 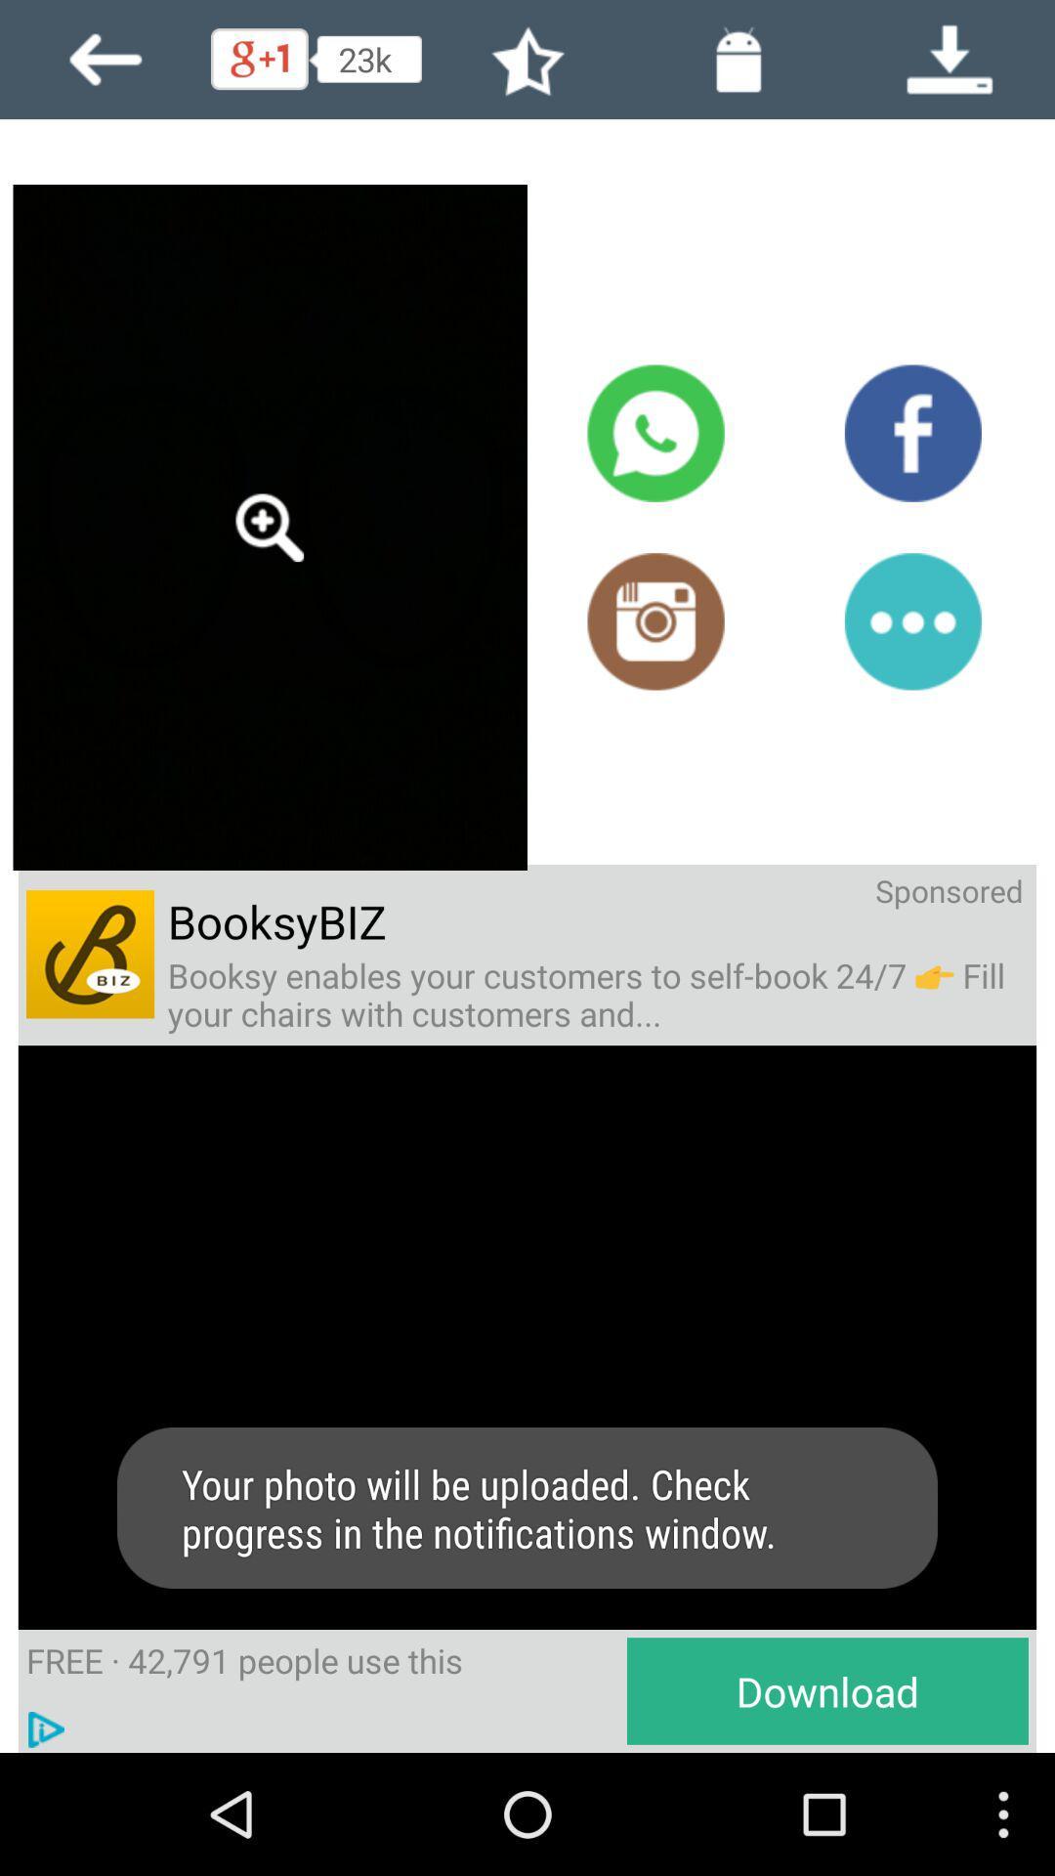 What do you see at coordinates (90, 955) in the screenshot?
I see `the icon which is before the booksybiz` at bounding box center [90, 955].